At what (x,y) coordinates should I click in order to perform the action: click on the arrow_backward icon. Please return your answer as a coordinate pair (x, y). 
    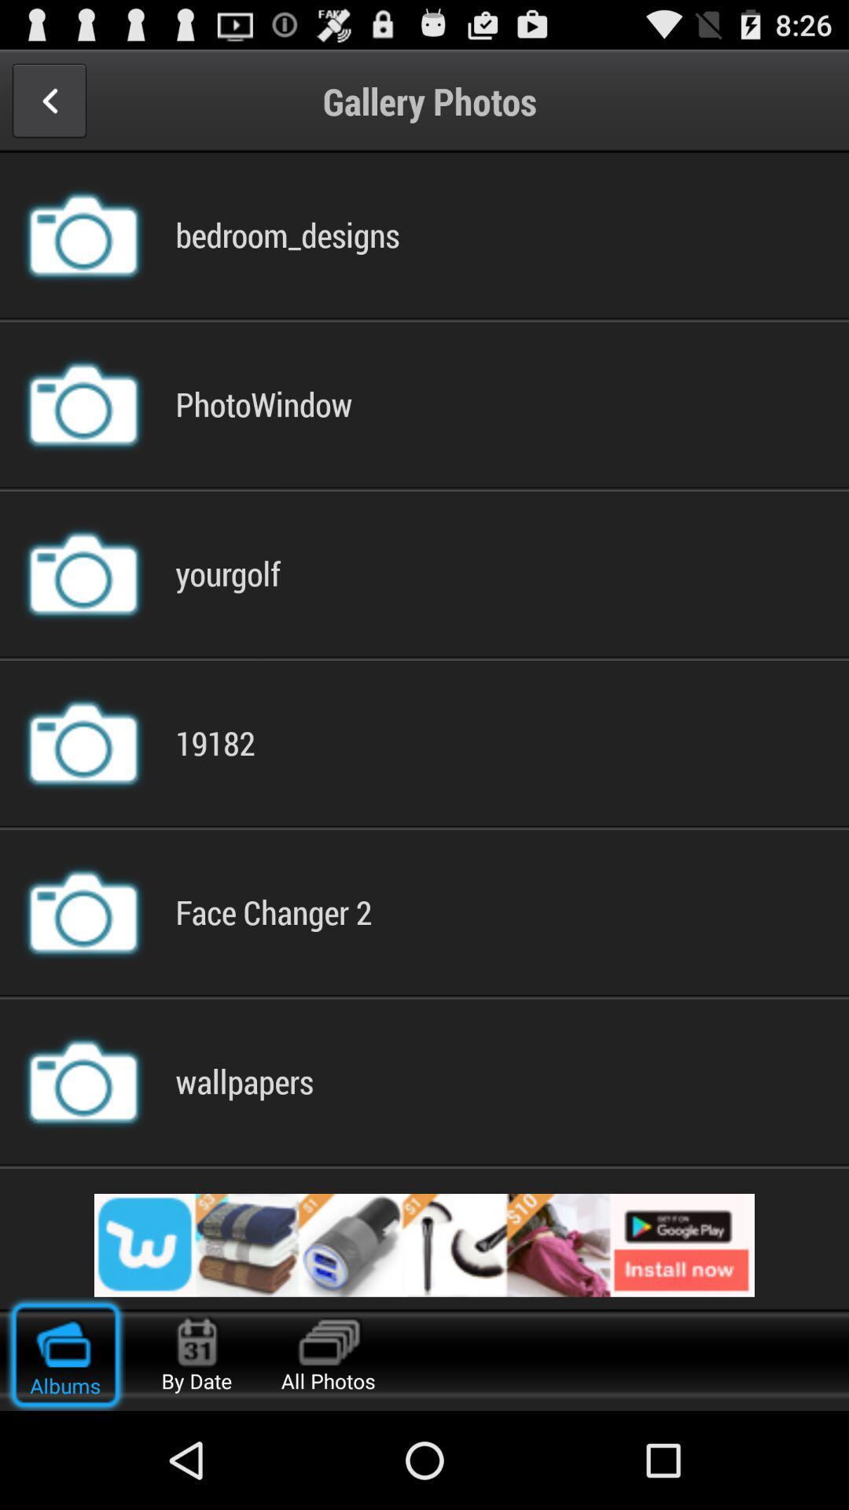
    Looking at the image, I should click on (48, 107).